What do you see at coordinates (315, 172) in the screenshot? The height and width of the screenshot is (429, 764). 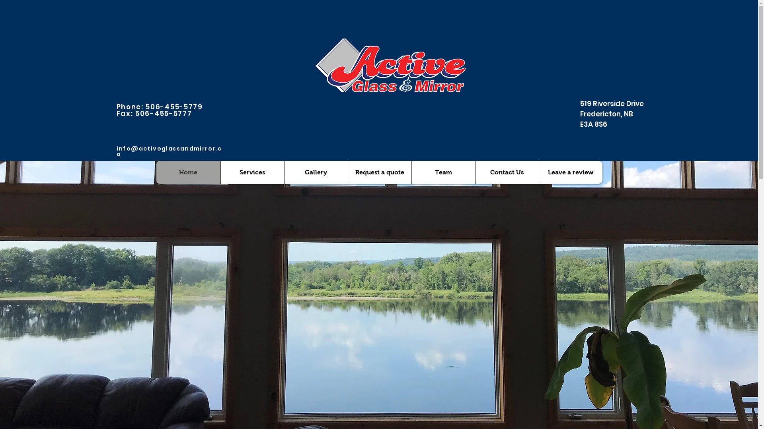 I see `'Gallery'` at bounding box center [315, 172].